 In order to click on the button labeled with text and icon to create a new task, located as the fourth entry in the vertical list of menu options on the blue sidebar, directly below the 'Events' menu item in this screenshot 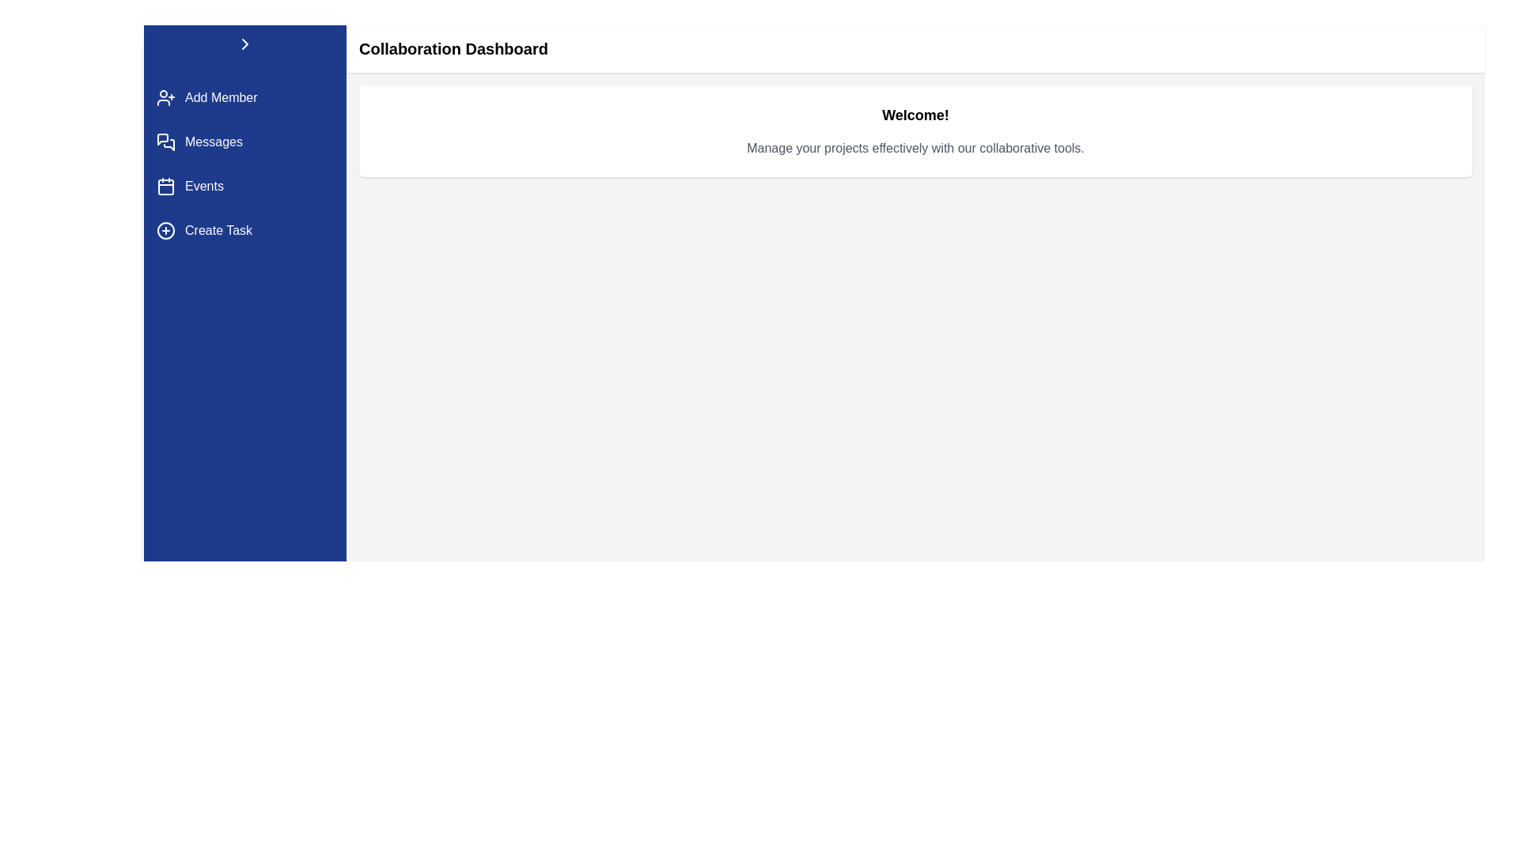, I will do `click(244, 231)`.